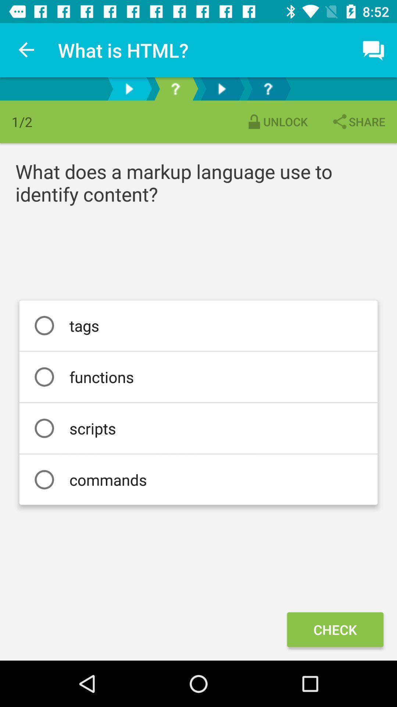 The image size is (397, 707). I want to click on the icon below the commands, so click(335, 629).